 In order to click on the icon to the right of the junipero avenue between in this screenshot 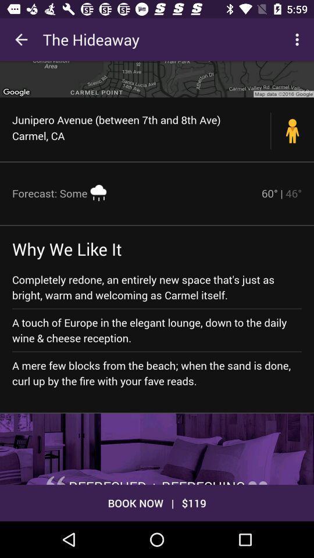, I will do `click(292, 131)`.